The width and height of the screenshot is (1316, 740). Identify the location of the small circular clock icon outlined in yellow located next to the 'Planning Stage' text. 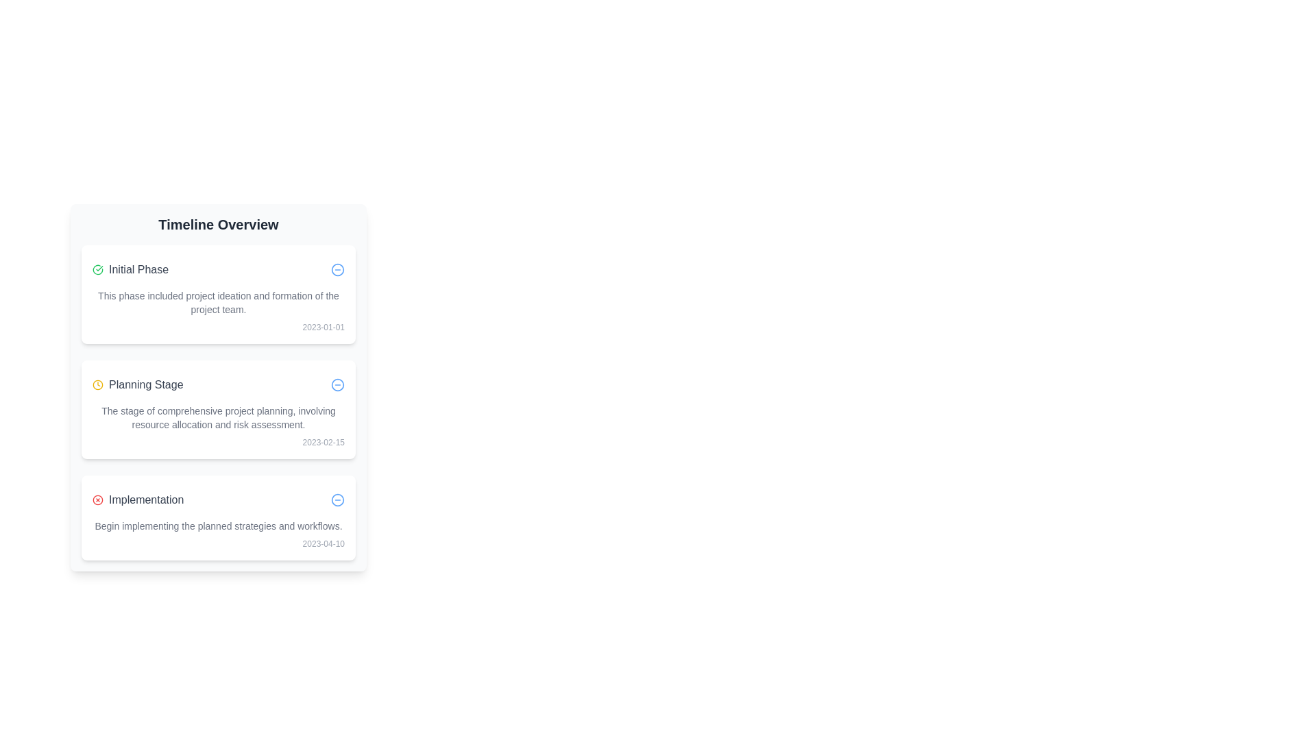
(97, 385).